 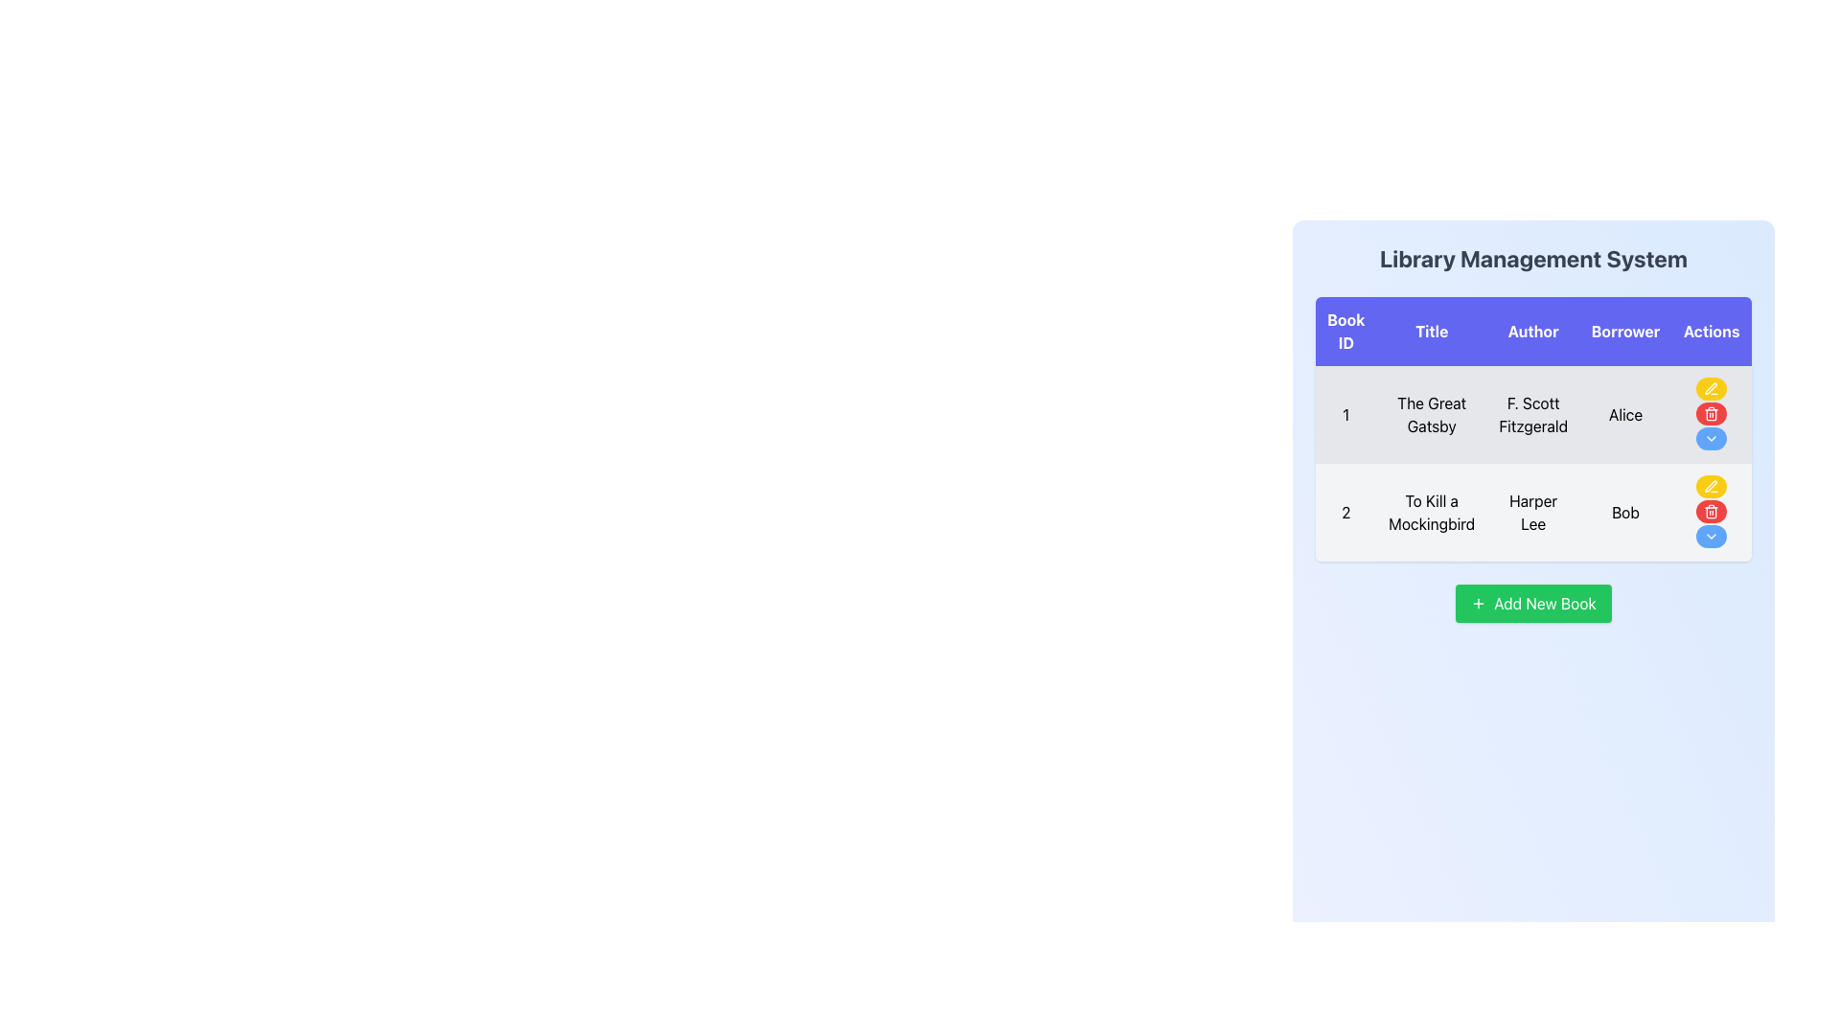 I want to click on text label indicating the serial order or ID of the corresponding book entry, located at the leftmost position in the table row for book details, so click(x=1345, y=413).